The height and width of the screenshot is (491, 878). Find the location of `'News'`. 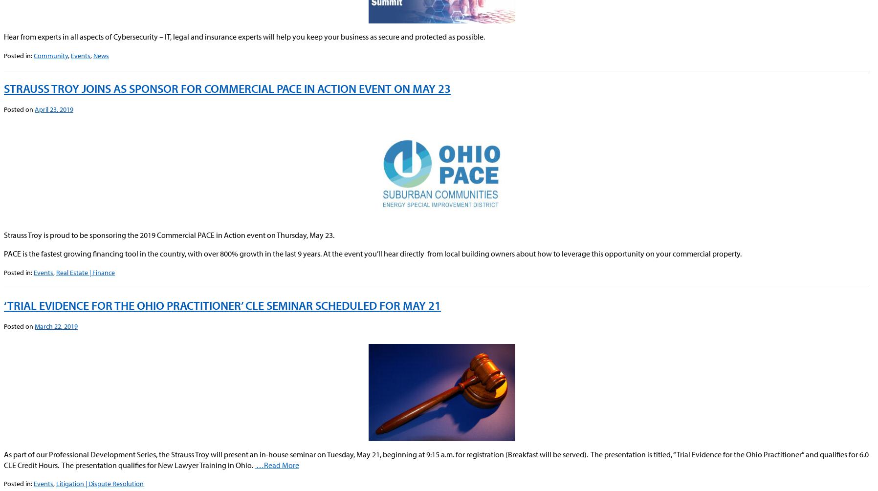

'News' is located at coordinates (101, 55).